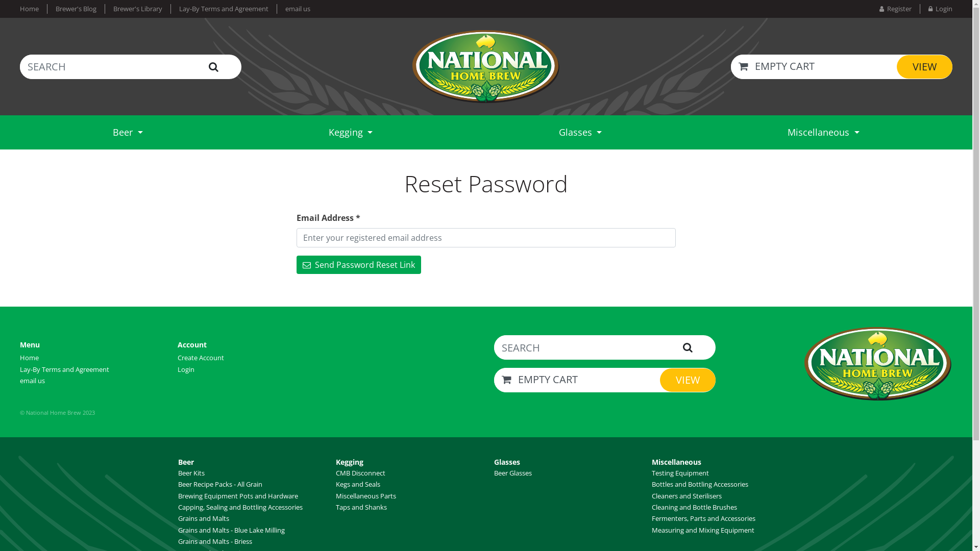 Image resolution: width=980 pixels, height=551 pixels. What do you see at coordinates (335, 462) in the screenshot?
I see `'Kegging'` at bounding box center [335, 462].